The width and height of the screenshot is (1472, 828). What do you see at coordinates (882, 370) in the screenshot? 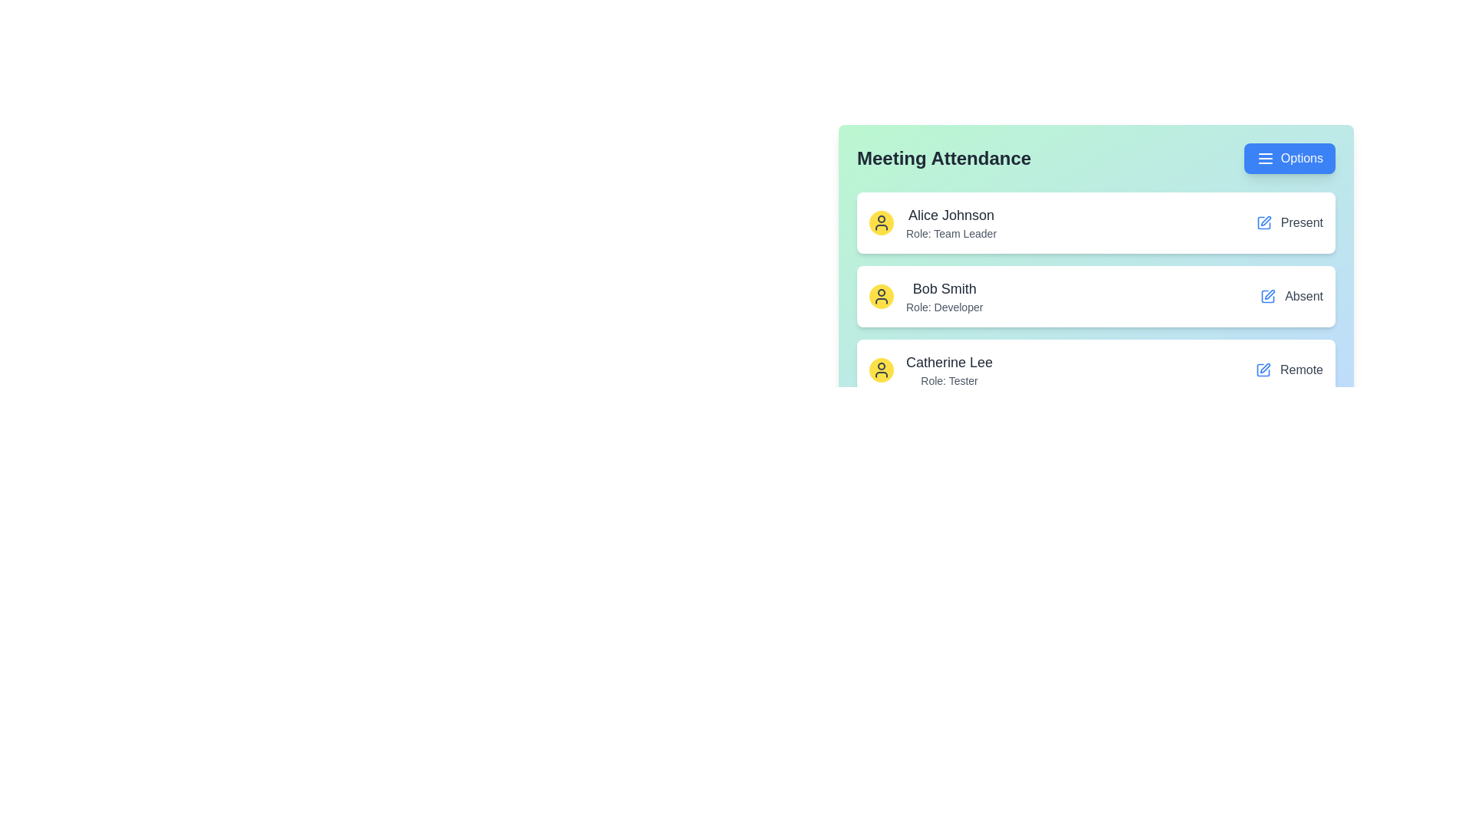
I see `the image icon representing Catherine Lee` at bounding box center [882, 370].